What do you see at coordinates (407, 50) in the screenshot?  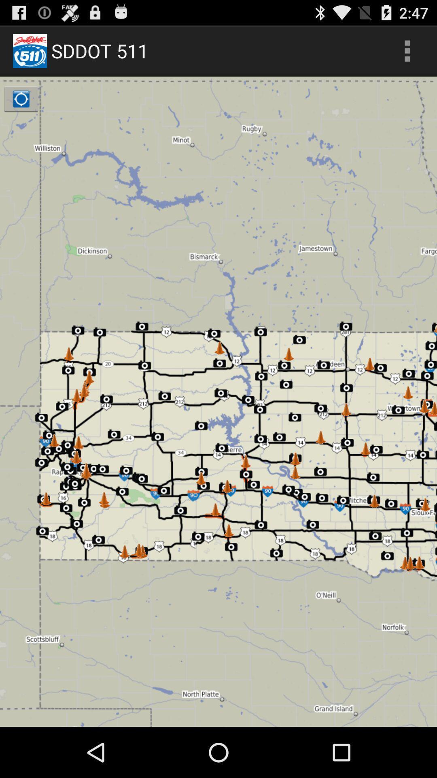 I see `the item to the right of the sddot 511` at bounding box center [407, 50].